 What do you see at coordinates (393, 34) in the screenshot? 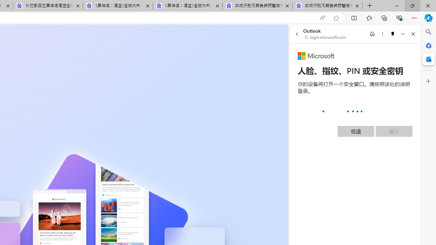
I see `'Unpin side pane'` at bounding box center [393, 34].